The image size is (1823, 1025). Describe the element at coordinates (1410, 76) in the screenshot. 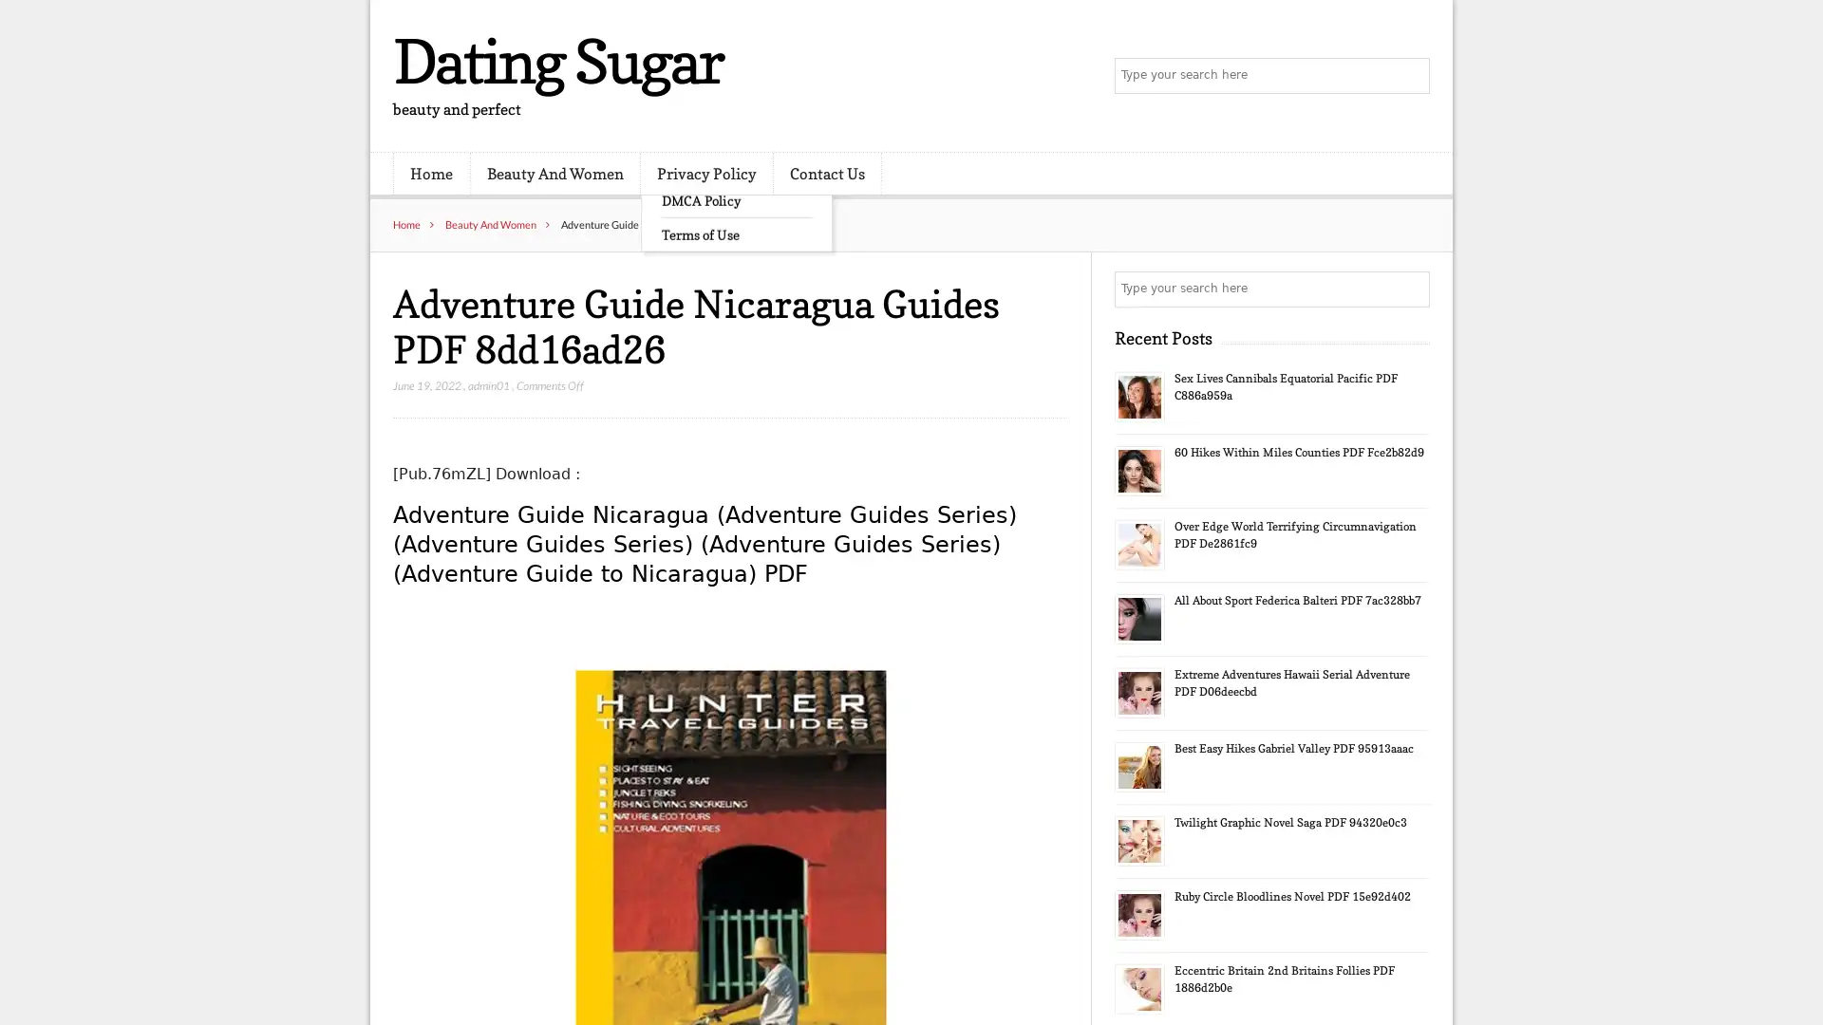

I see `Search` at that location.